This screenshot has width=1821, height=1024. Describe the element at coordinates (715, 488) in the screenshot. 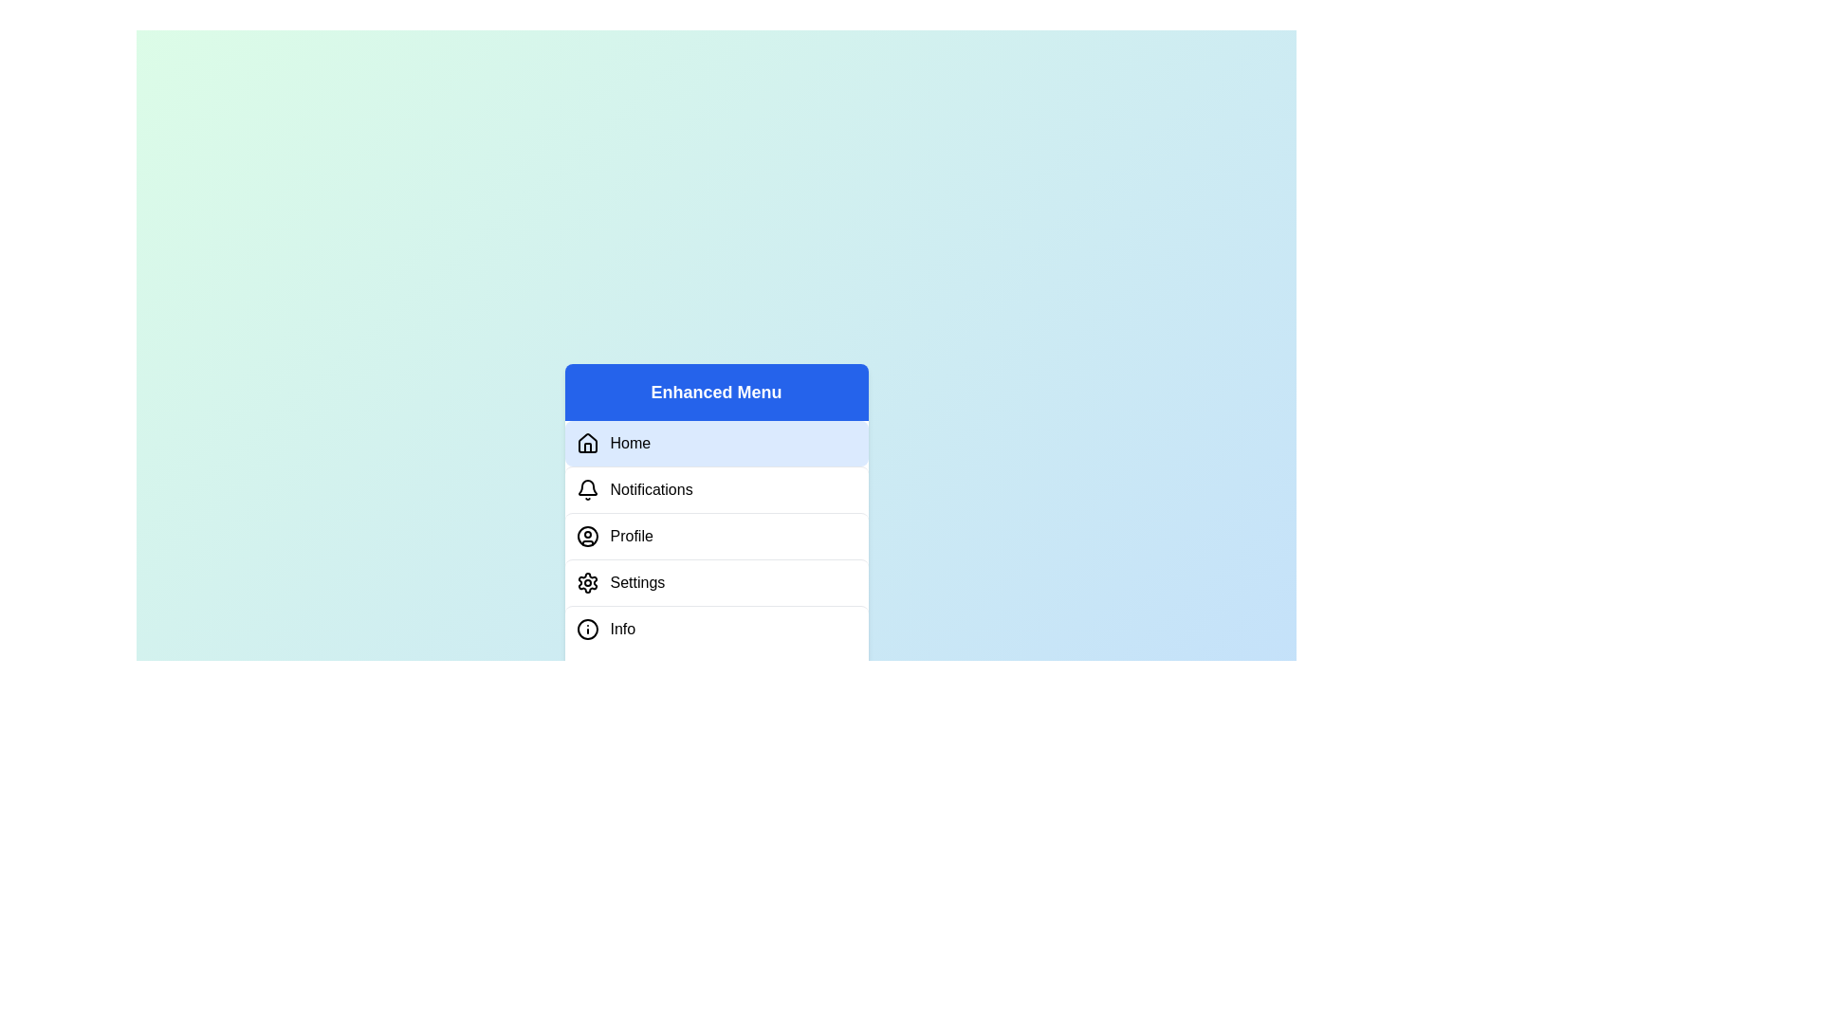

I see `the menu tab Notifications` at that location.